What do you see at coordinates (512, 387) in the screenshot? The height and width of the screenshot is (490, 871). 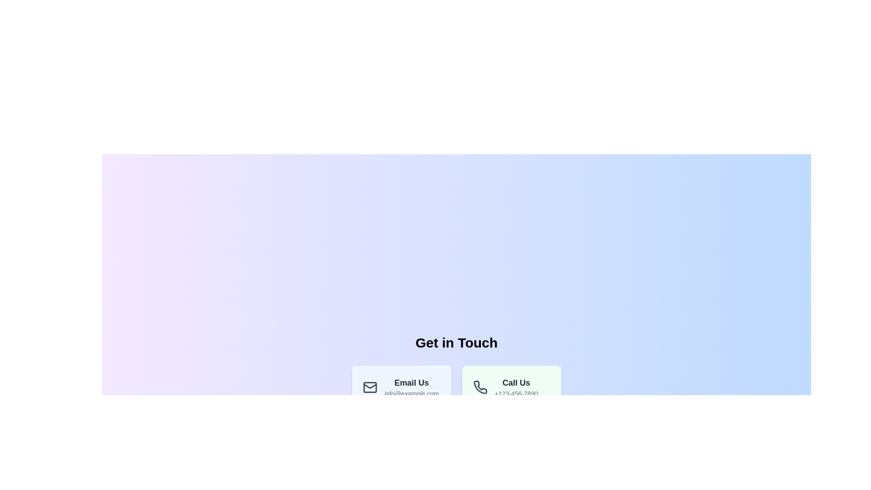 I see `the Informational Card displaying the phone number, which is the second item in the grid layout of contact method cards` at bounding box center [512, 387].